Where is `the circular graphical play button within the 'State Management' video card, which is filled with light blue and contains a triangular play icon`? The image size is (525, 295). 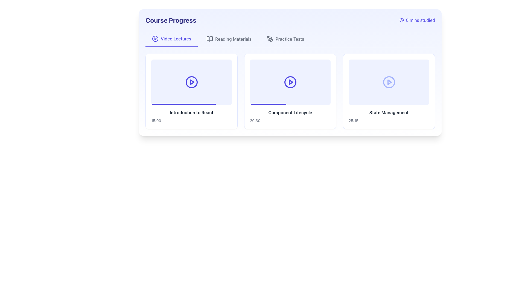
the circular graphical play button within the 'State Management' video card, which is filled with light blue and contains a triangular play icon is located at coordinates (389, 82).